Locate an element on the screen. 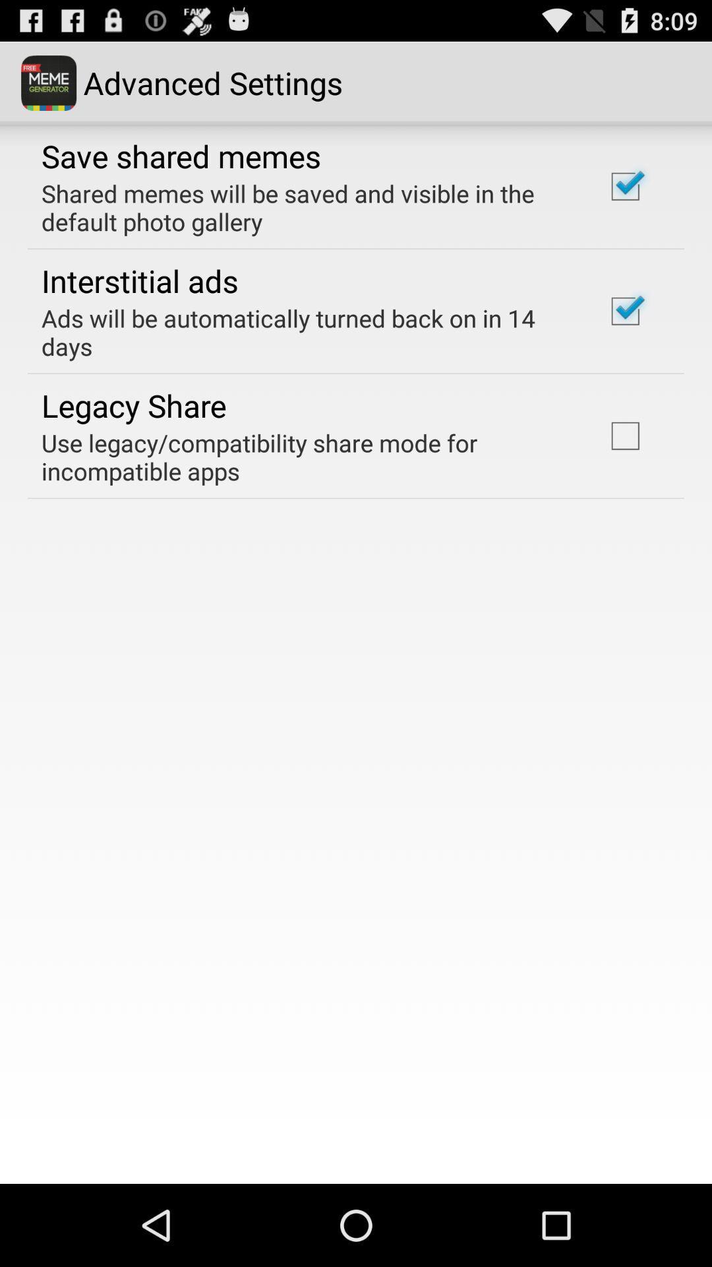 The height and width of the screenshot is (1267, 712). interstitial ads item is located at coordinates (140, 280).